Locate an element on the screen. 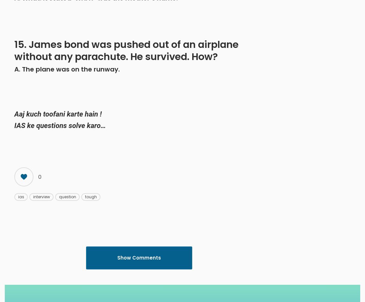 The height and width of the screenshot is (302, 365). 'A. The plane was on the runway.' is located at coordinates (67, 69).